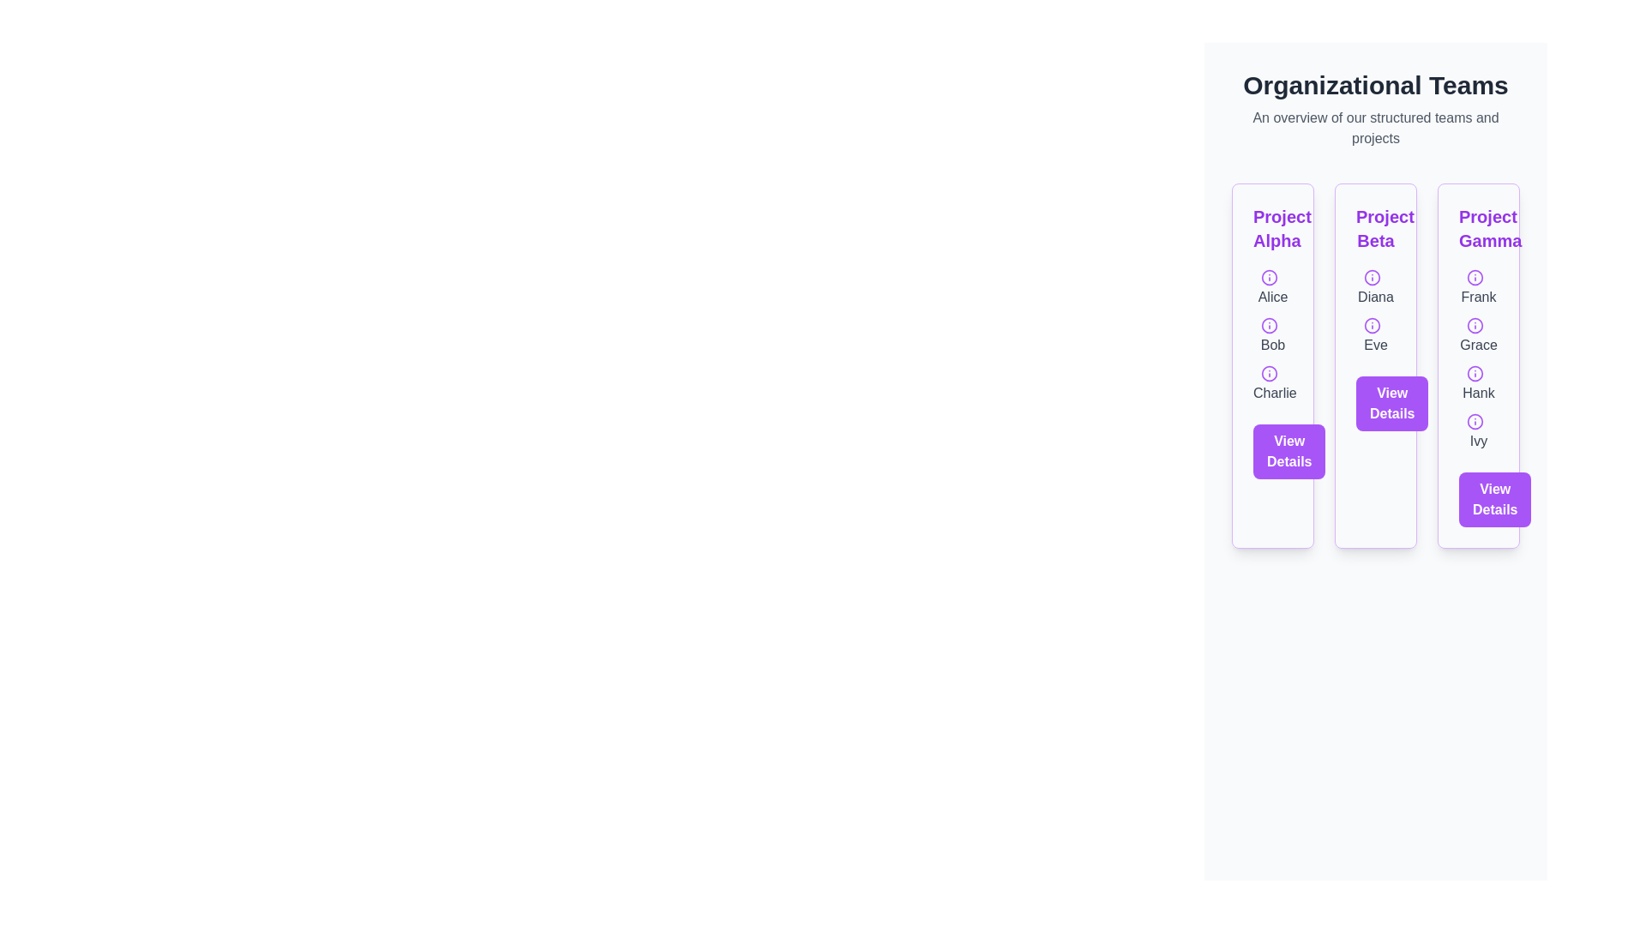  I want to click on the icon in the 'Project Beta' column that provides additional information related to 'Diana', so click(1373, 276).